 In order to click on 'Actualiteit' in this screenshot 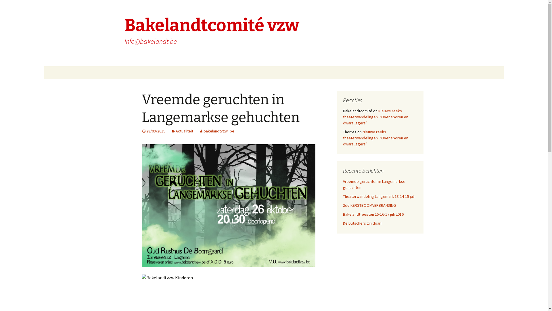, I will do `click(181, 131)`.